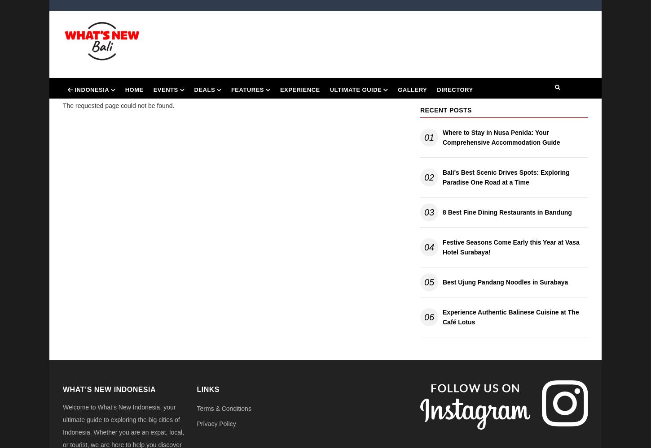 Image resolution: width=651 pixels, height=448 pixels. I want to click on 'Privacy Policy', so click(216, 423).